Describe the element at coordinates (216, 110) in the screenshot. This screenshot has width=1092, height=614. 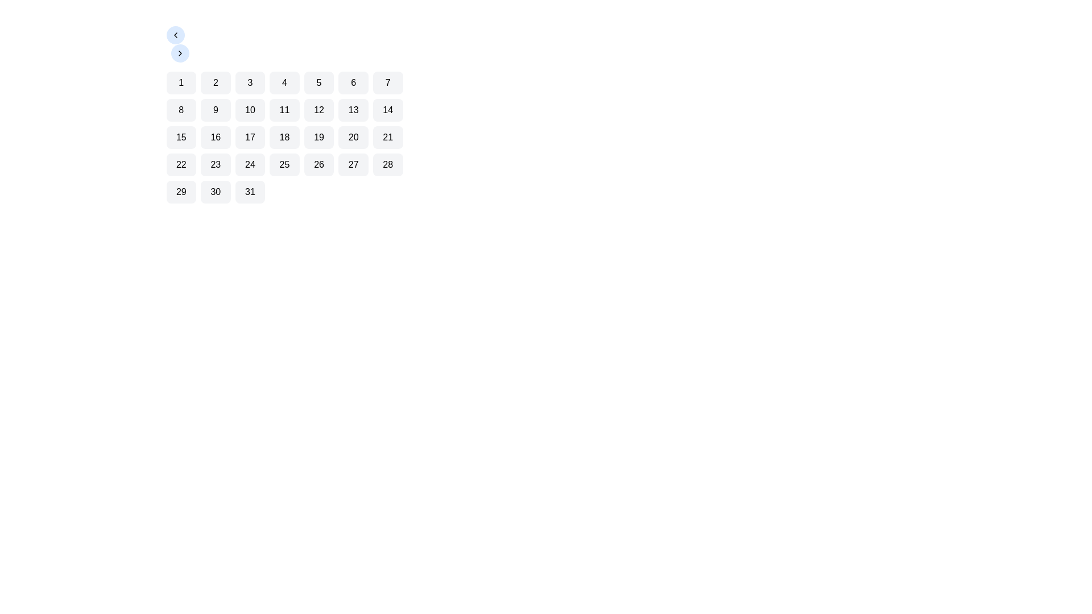
I see `the rounded rectangular button displaying the number '9'` at that location.